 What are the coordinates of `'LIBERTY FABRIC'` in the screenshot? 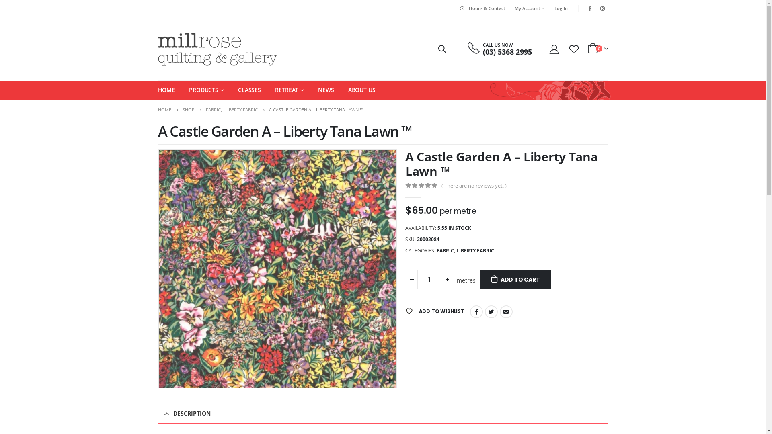 It's located at (475, 250).